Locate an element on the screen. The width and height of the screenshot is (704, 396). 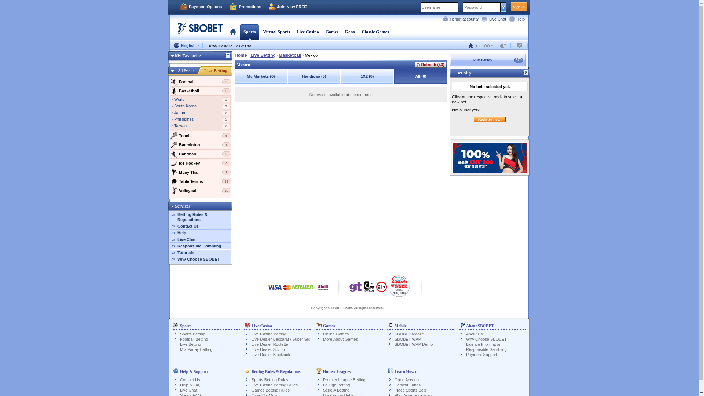
'Games Betting Rules' is located at coordinates (270, 390).